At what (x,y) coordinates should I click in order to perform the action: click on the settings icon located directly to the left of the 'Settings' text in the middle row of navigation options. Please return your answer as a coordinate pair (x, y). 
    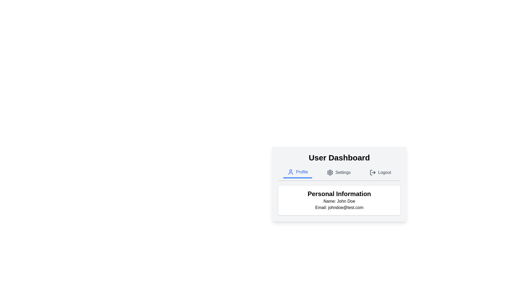
    Looking at the image, I should click on (330, 173).